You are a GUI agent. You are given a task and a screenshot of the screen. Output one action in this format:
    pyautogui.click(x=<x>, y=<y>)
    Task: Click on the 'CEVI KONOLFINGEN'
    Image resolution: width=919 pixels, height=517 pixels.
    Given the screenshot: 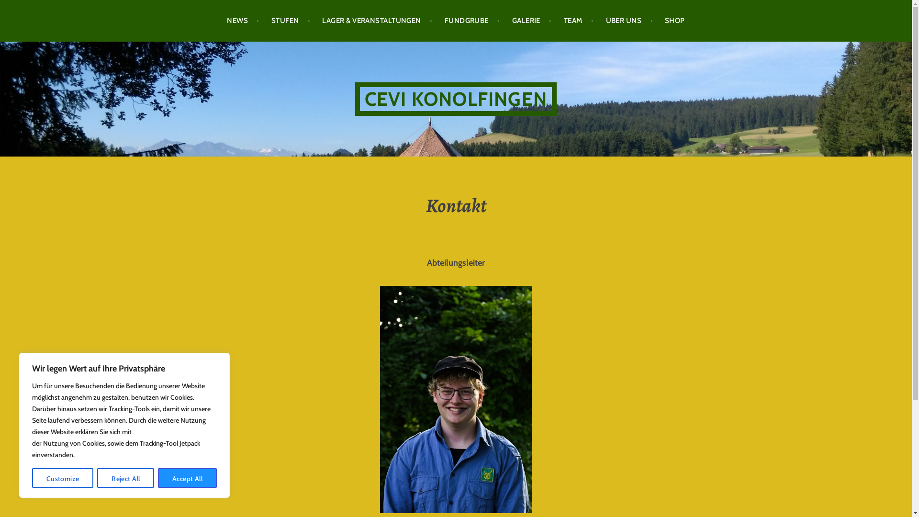 What is the action you would take?
    pyautogui.click(x=455, y=99)
    